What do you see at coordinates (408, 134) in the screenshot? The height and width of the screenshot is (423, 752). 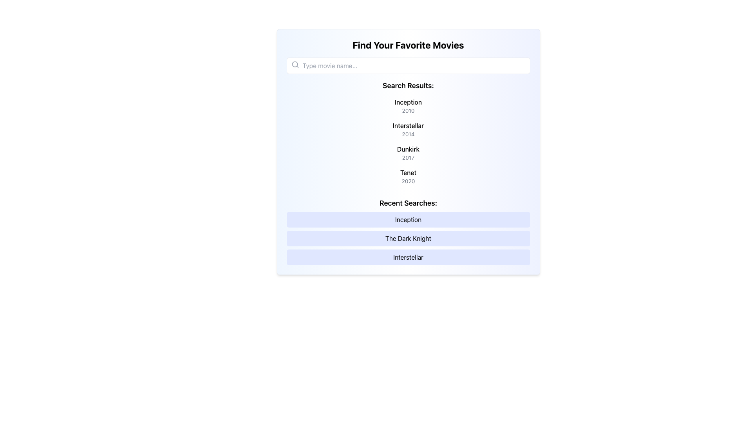 I see `text label displaying '2014' which is styled in gray and located under the title 'Interstellar' in the search results section` at bounding box center [408, 134].